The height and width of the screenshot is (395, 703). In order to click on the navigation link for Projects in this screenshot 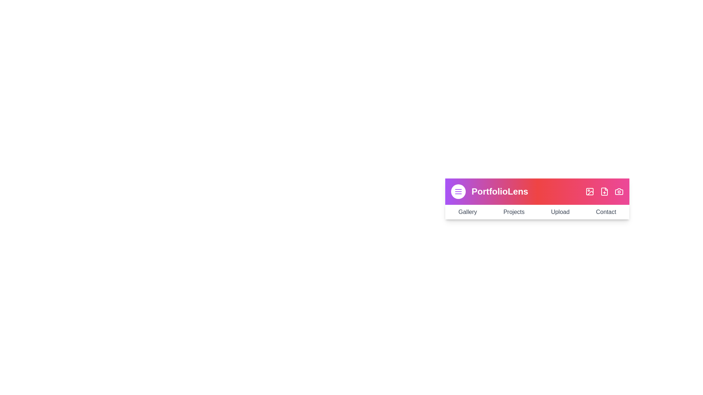, I will do `click(513, 212)`.